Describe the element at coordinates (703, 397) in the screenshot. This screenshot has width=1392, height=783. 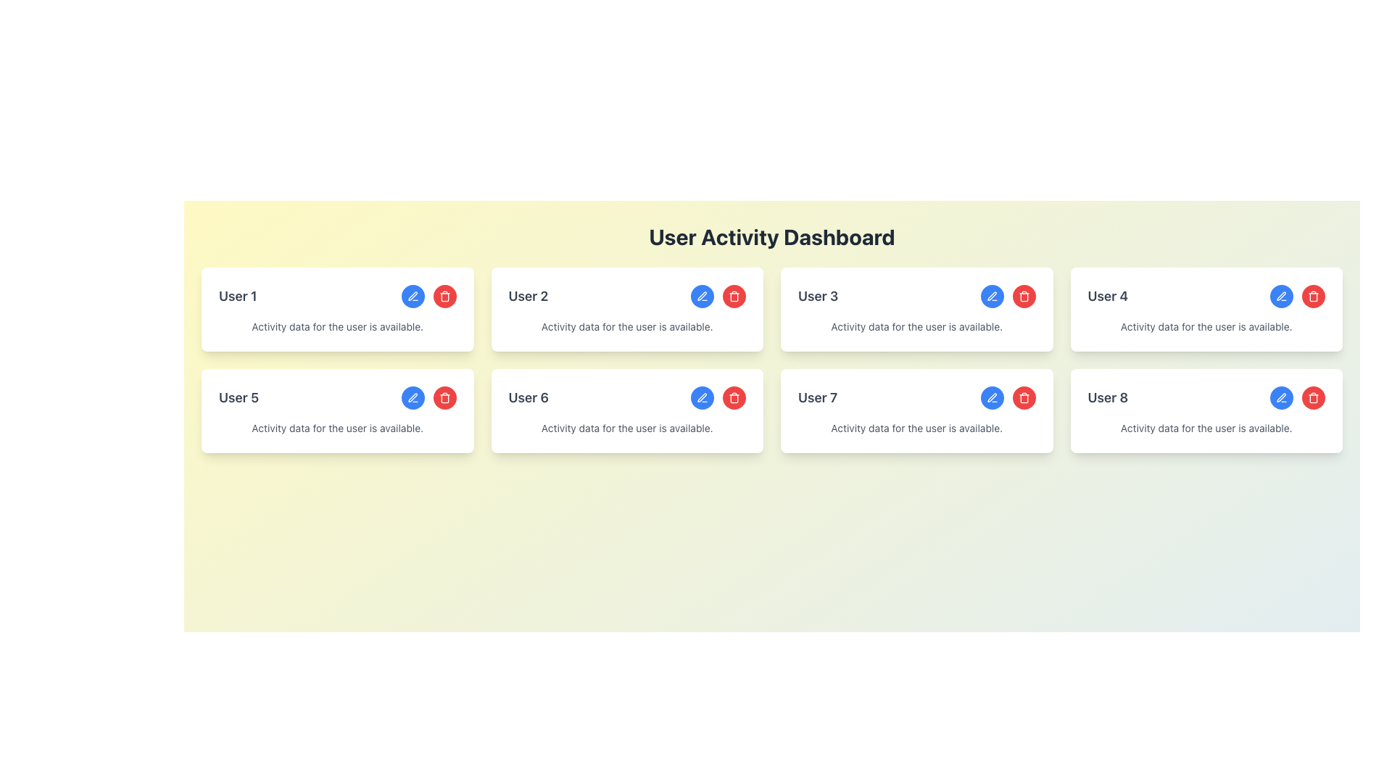
I see `the small blue circular icon with a pen graphic inside, located in the card labeled 'User 6' in the second row, second column` at that location.